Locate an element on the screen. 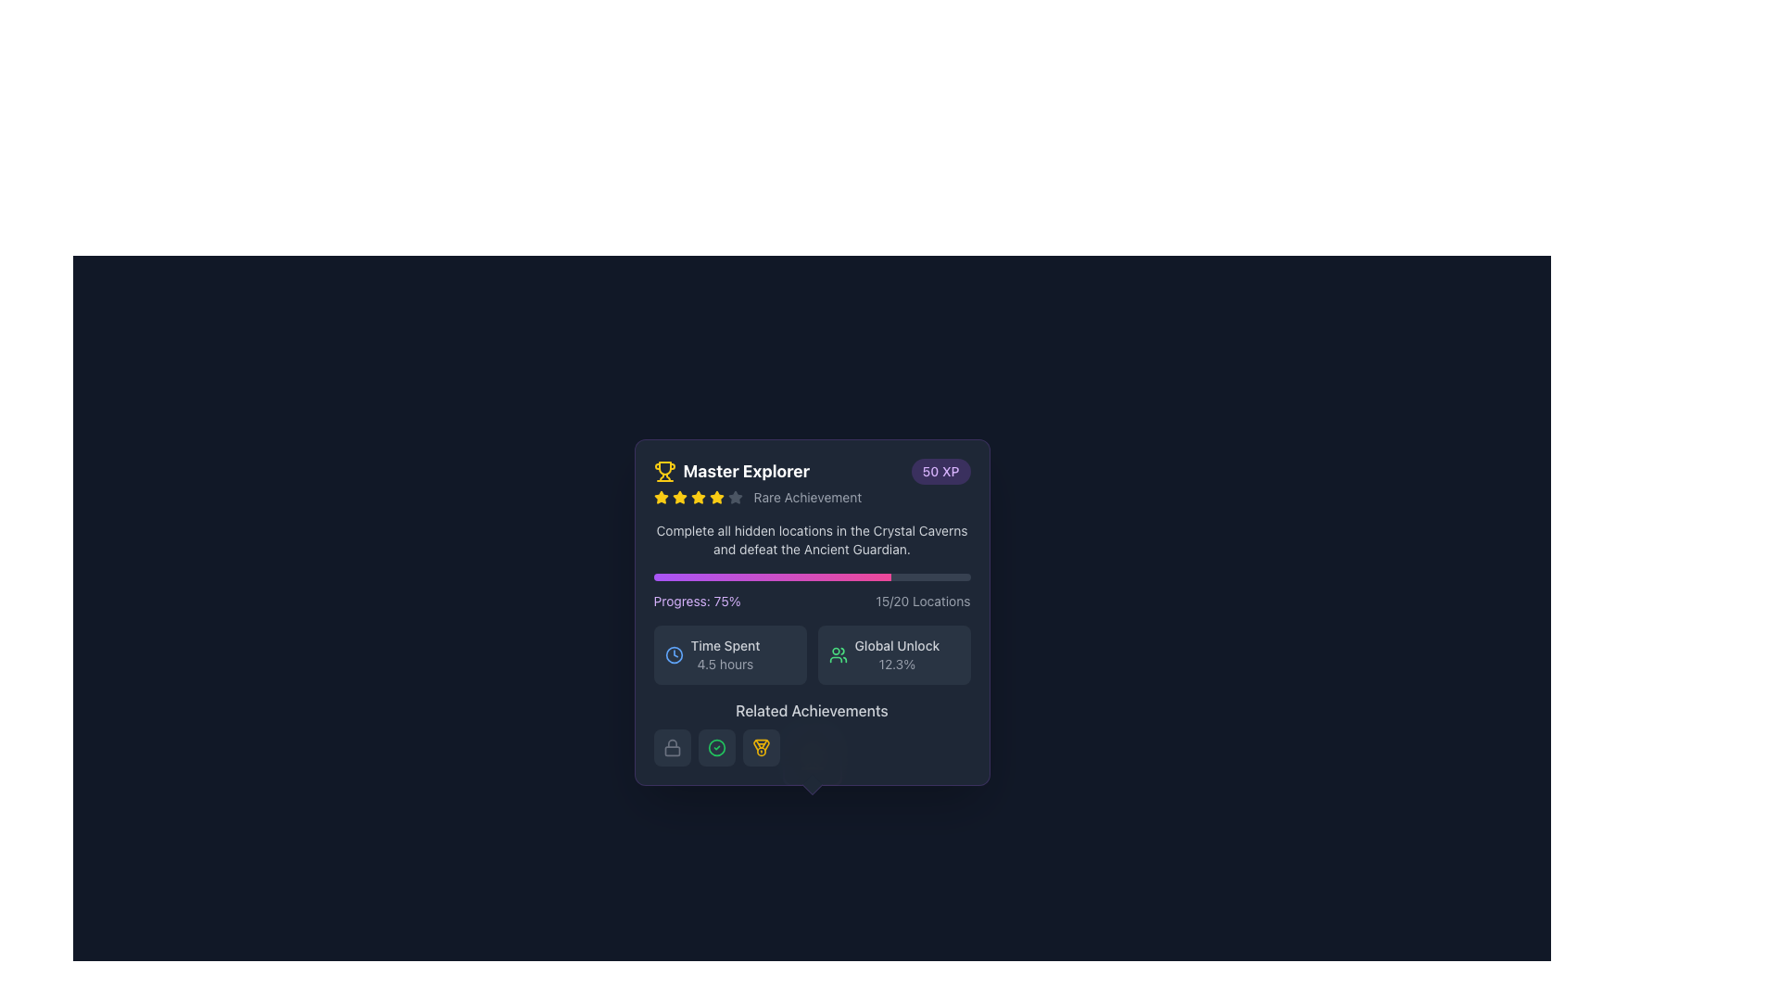 Image resolution: width=1779 pixels, height=1001 pixels. the sixth star icon in the rating sequence beneath the 'Master Explorer' heading to visually represent the achievement level is located at coordinates (715, 496).